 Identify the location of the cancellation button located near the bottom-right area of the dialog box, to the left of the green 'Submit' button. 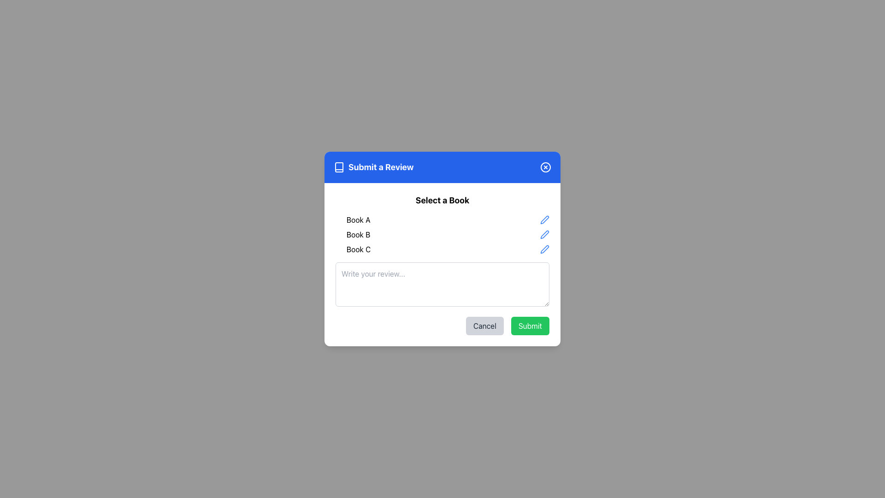
(484, 325).